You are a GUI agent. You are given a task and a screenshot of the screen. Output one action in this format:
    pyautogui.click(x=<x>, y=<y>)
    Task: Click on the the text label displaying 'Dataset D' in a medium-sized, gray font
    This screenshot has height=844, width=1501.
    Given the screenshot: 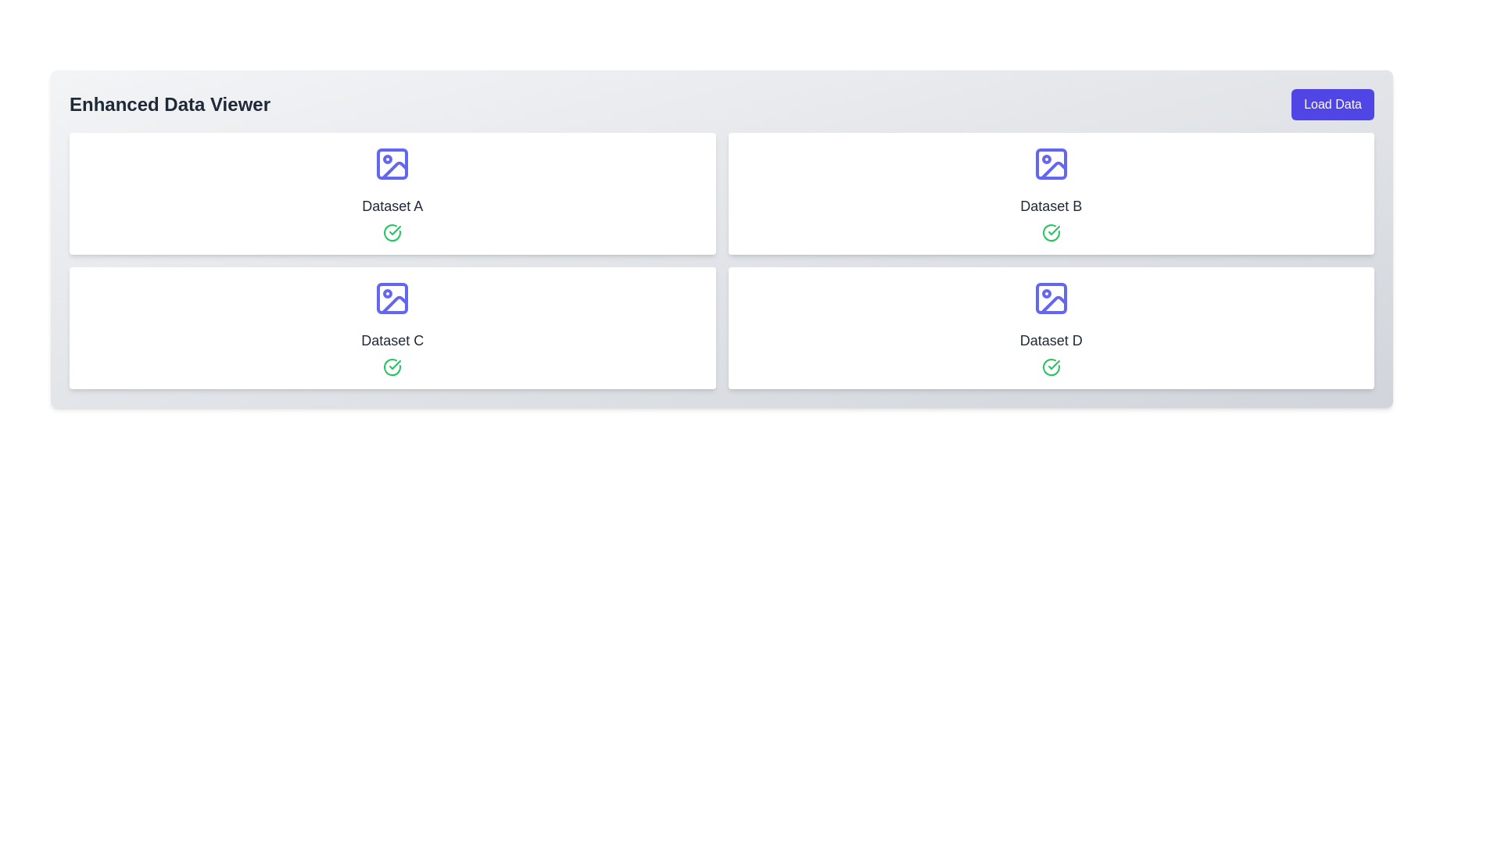 What is the action you would take?
    pyautogui.click(x=1051, y=339)
    